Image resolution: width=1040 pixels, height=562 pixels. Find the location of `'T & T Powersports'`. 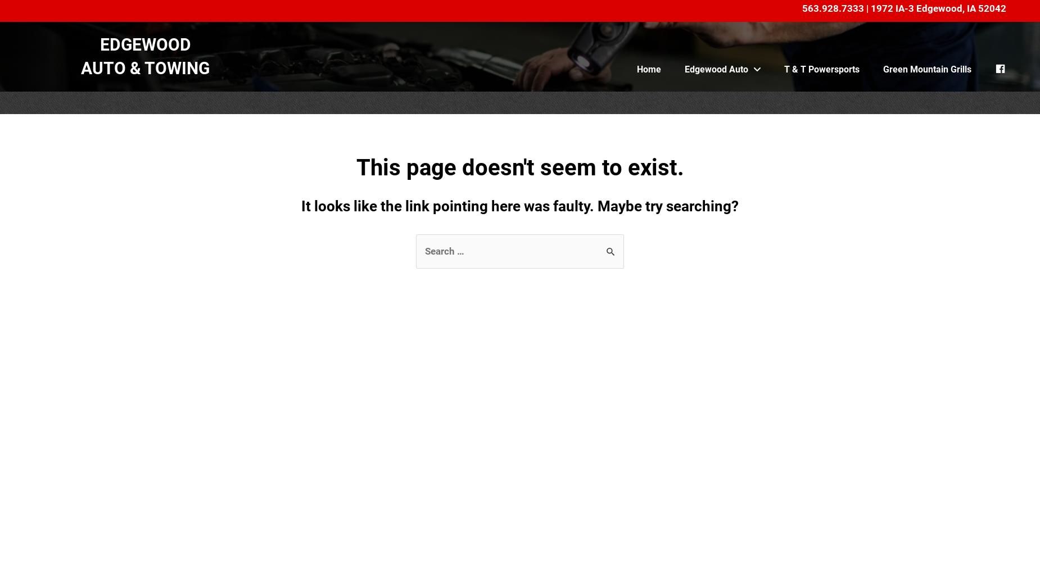

'T & T Powersports' is located at coordinates (822, 68).